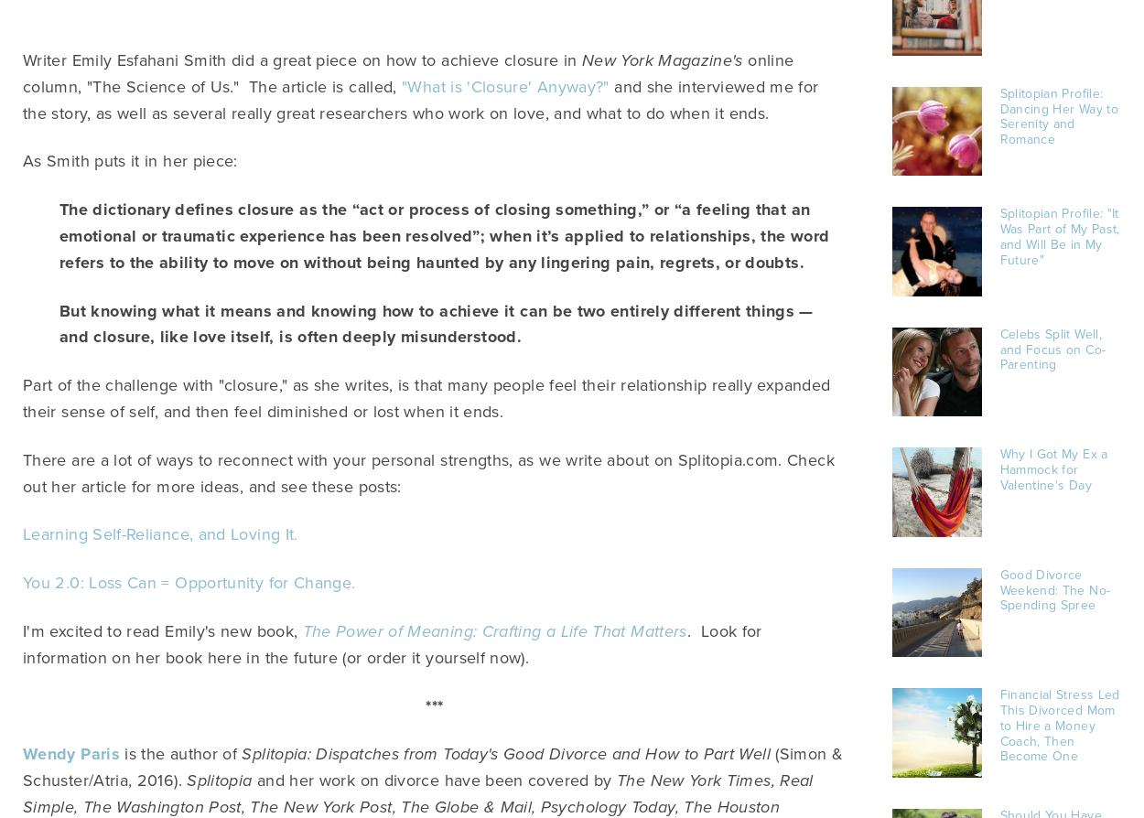 The width and height of the screenshot is (1144, 818). Describe the element at coordinates (508, 752) in the screenshot. I see `'Splitopia: Dispatches from Today's Good Divorce and How to Part Well'` at that location.